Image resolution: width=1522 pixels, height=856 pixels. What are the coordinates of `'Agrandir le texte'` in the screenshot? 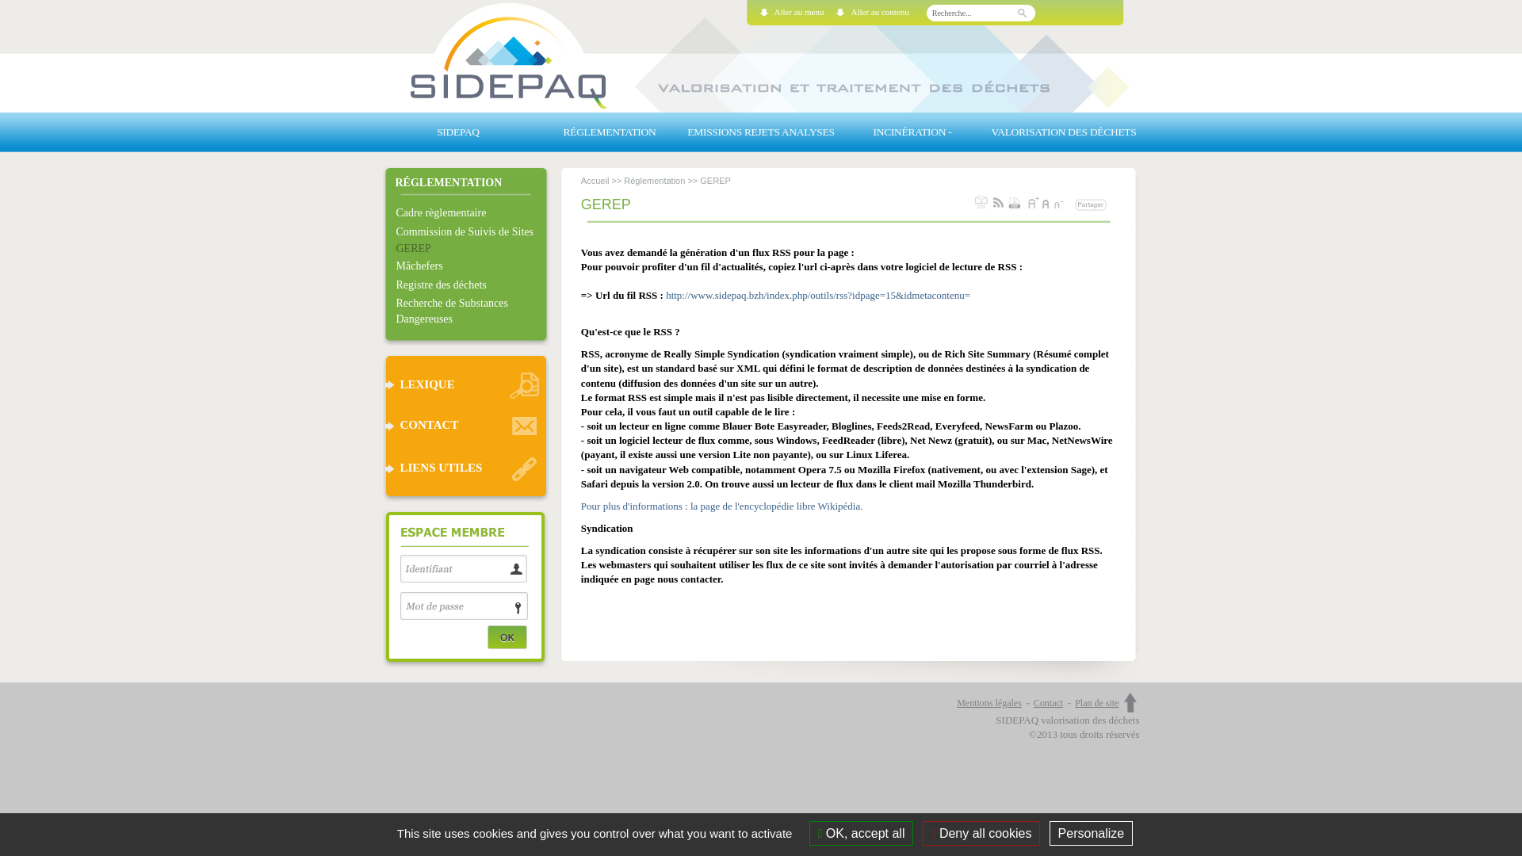 It's located at (1034, 201).